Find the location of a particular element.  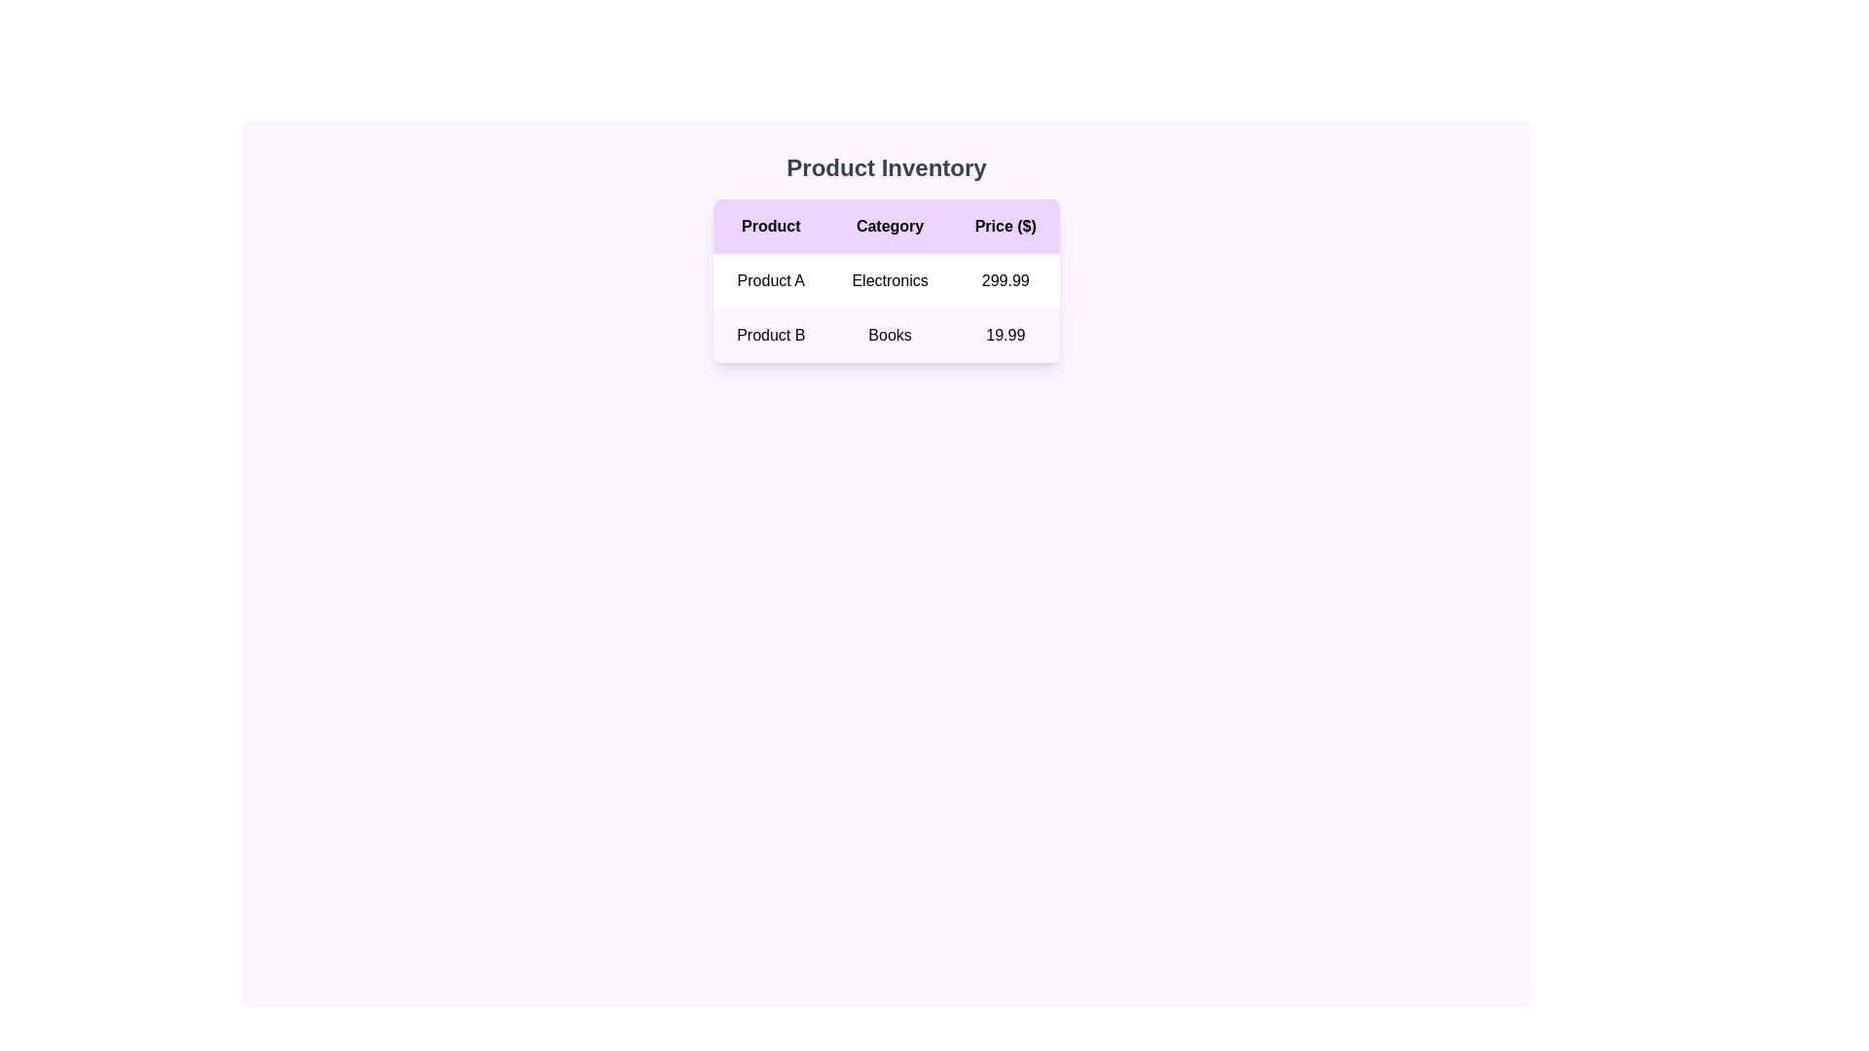

the text label displaying 'Category' in black on a purple background, which is centered in the second column of the table header is located at coordinates (889, 225).